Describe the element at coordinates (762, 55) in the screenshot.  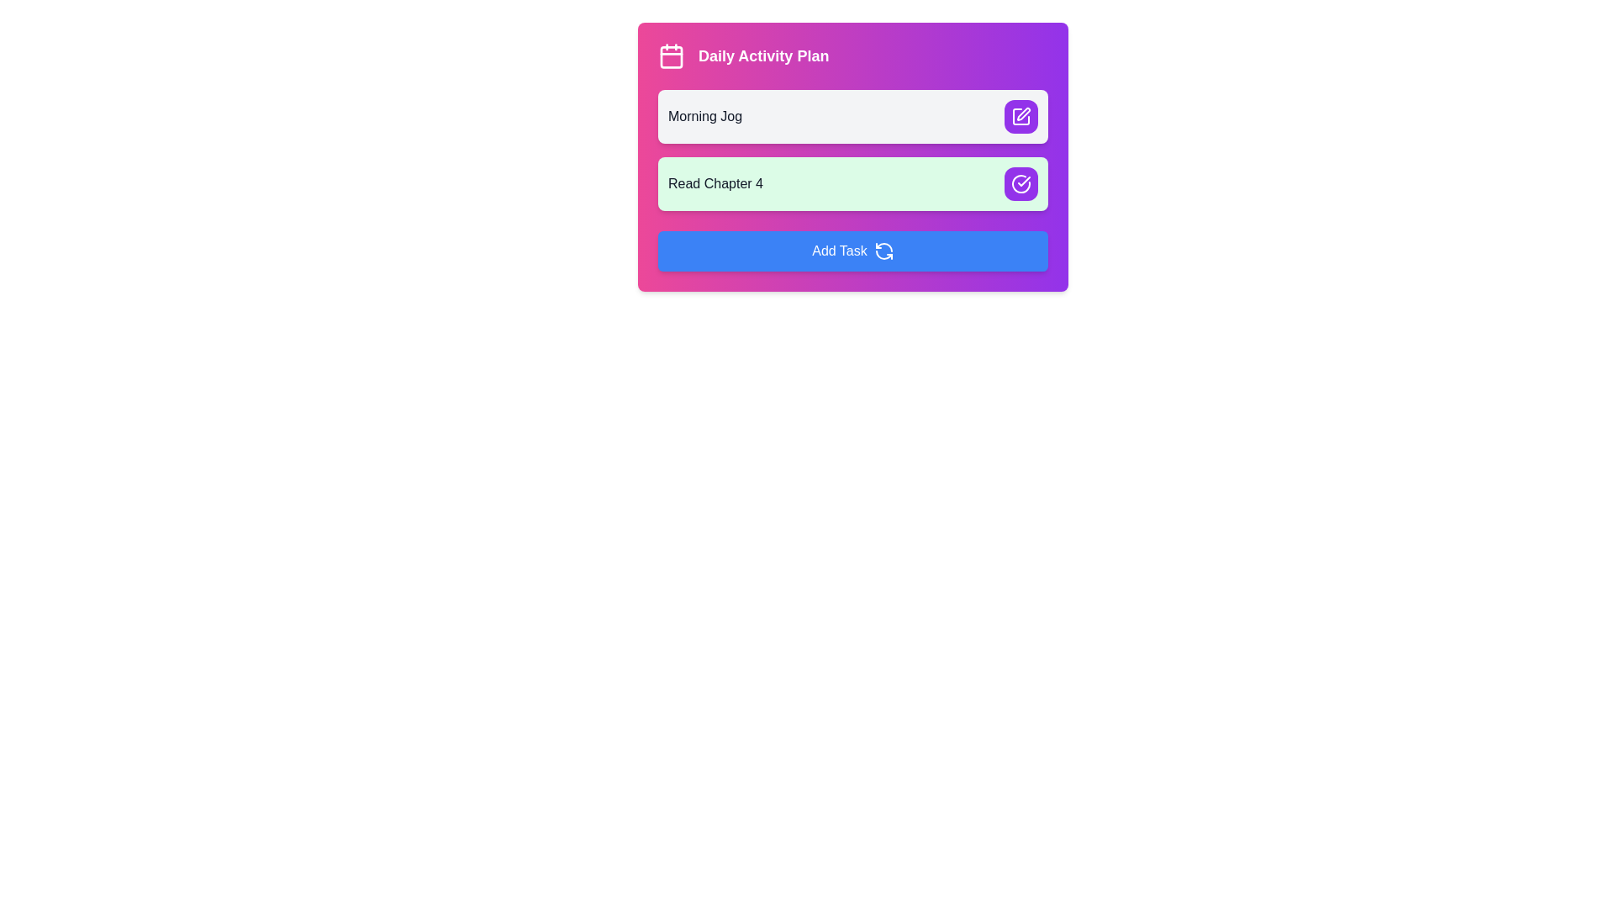
I see `the bold, large-font 'Daily Activity Plan' label with vibrant white text against a gradient purple-pink background, located to the right of a calendar icon in the header` at that location.